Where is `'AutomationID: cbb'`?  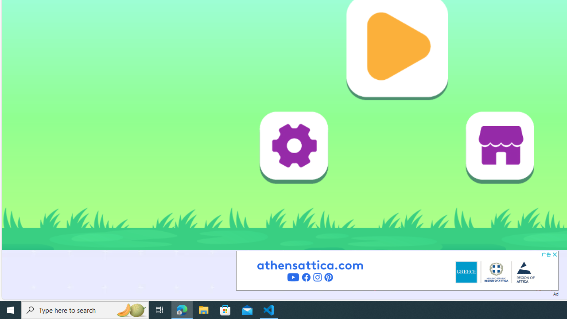 'AutomationID: cbb' is located at coordinates (554, 254).